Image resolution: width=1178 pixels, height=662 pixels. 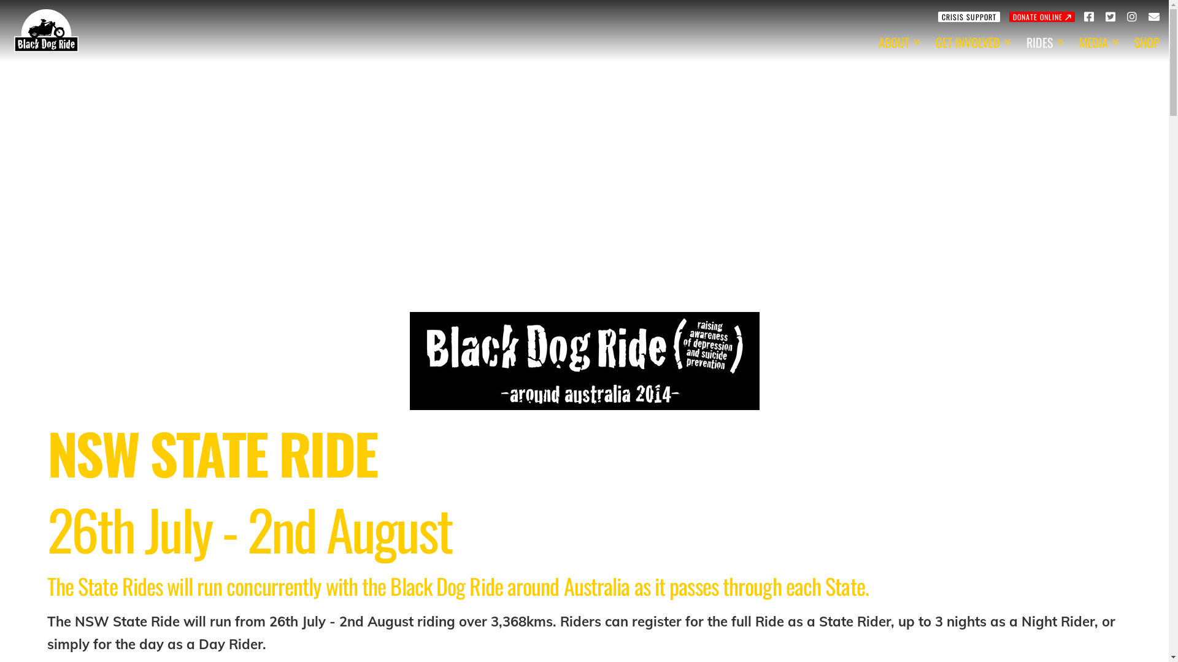 I want to click on 'GET INVOLVED', so click(x=971, y=42).